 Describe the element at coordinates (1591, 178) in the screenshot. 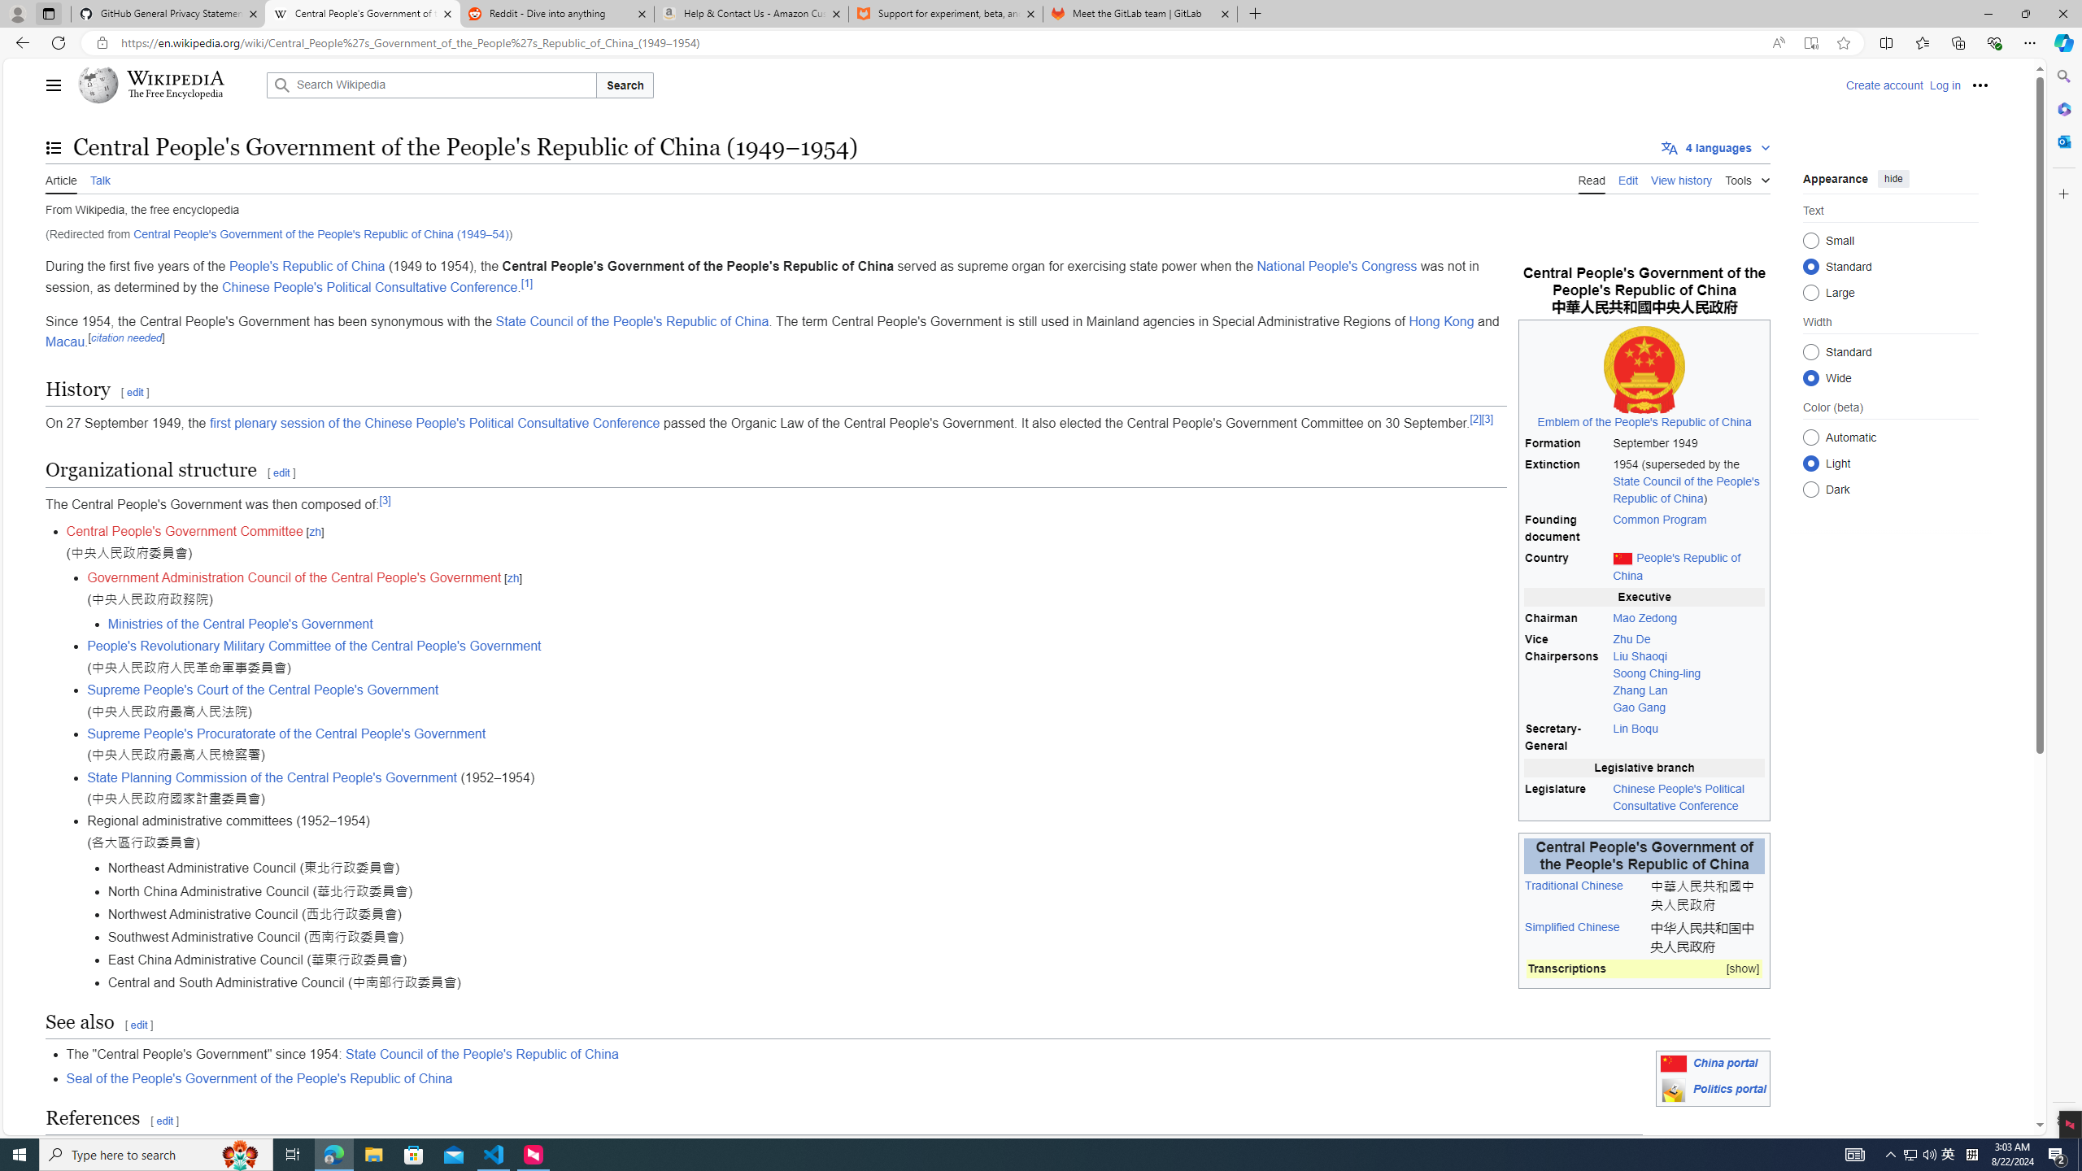

I see `'Read'` at that location.